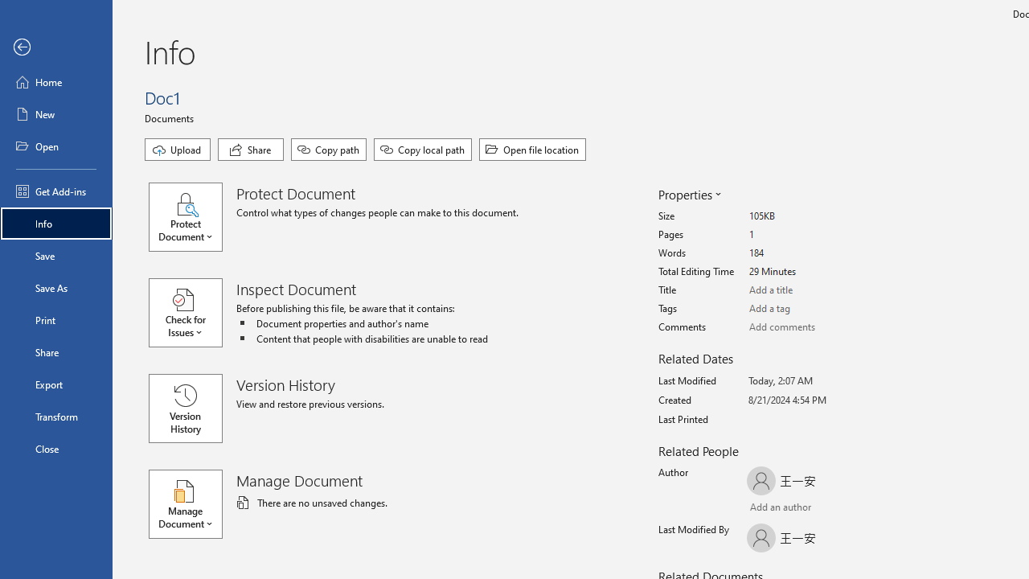 This screenshot has height=579, width=1029. I want to click on 'Verify Names', so click(791, 508).